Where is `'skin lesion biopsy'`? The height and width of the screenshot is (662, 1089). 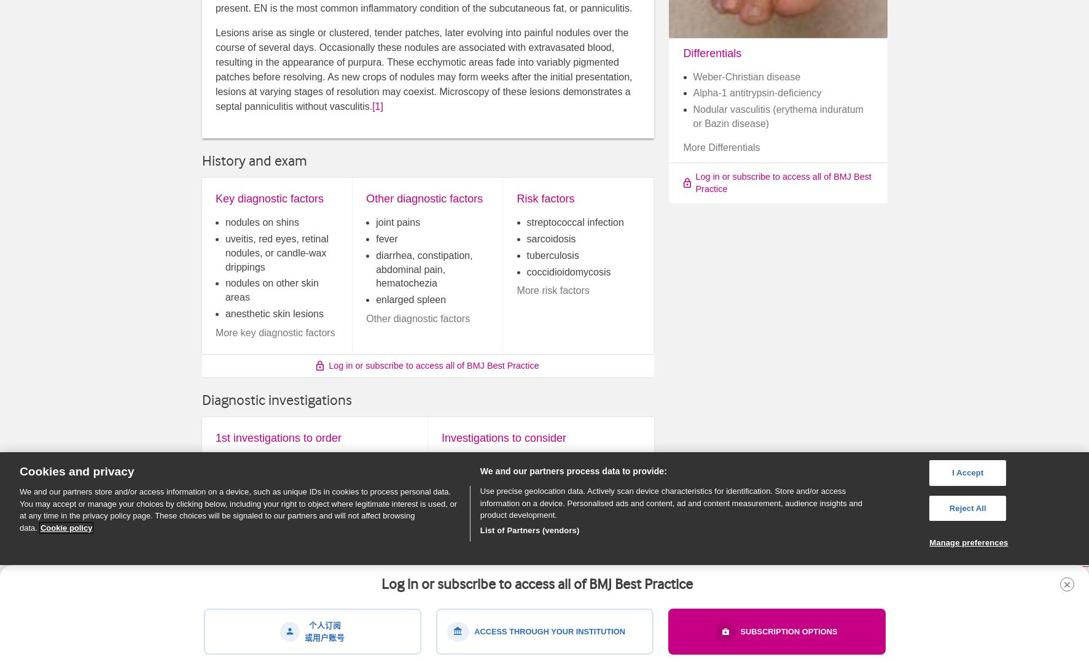 'skin lesion biopsy' is located at coordinates (488, 477).